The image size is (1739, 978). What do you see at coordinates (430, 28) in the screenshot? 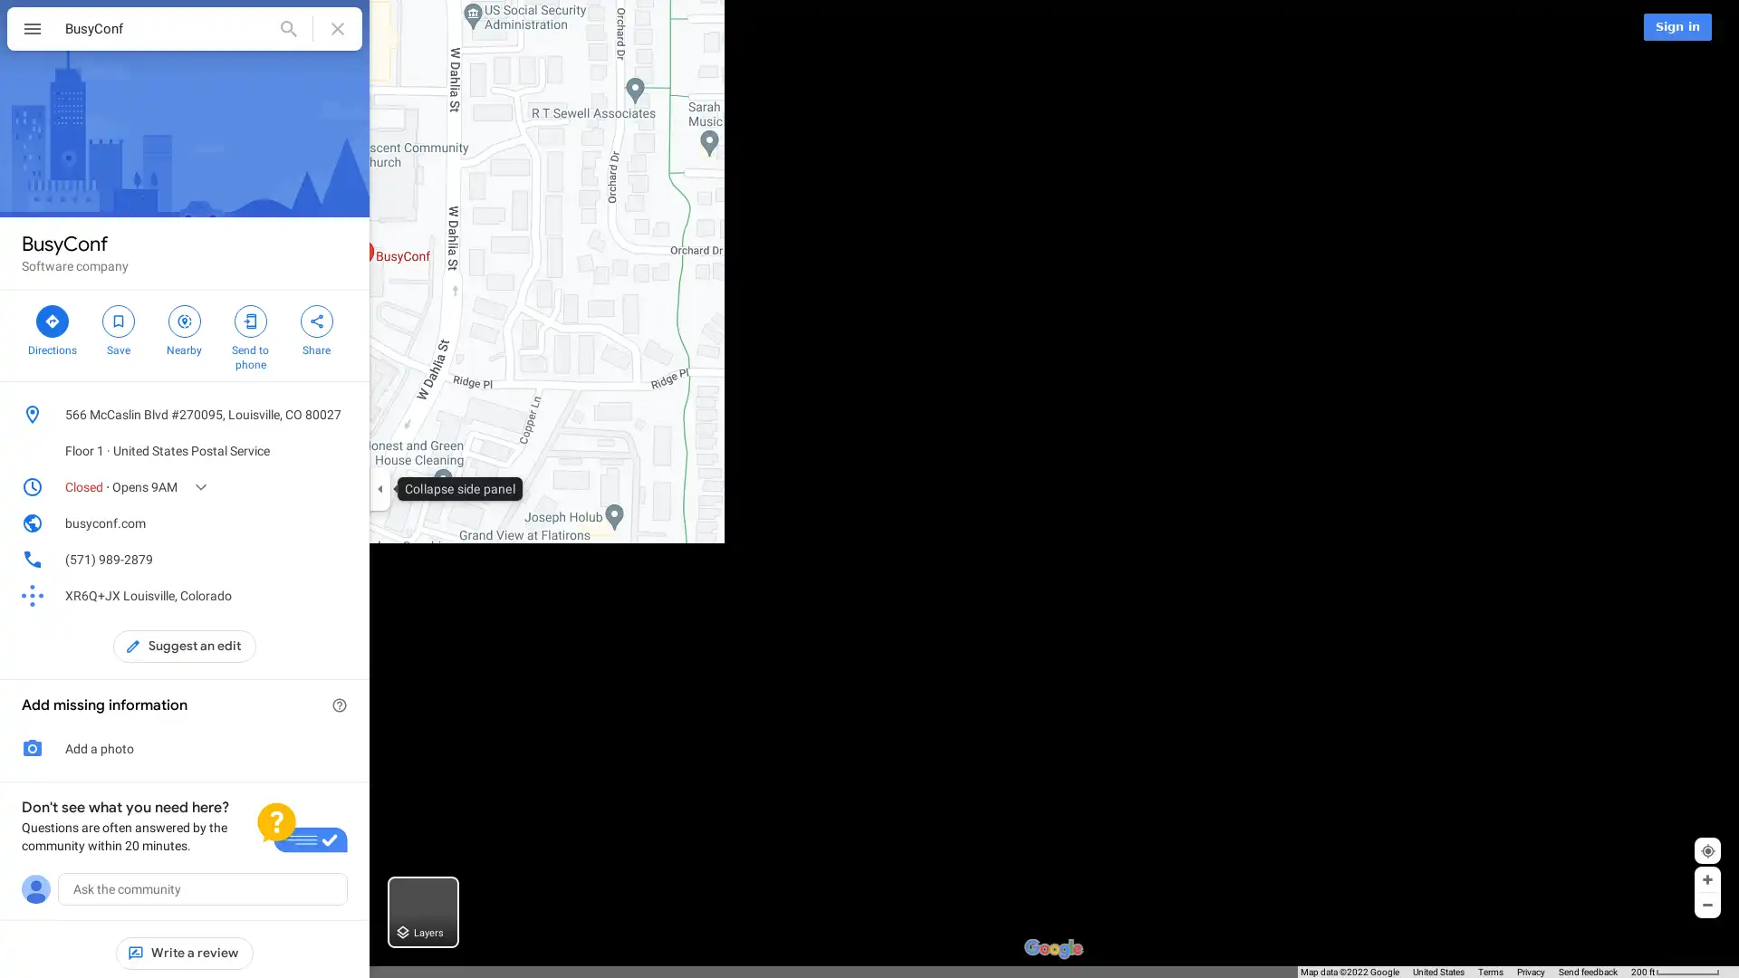
I see `Restaurants` at bounding box center [430, 28].